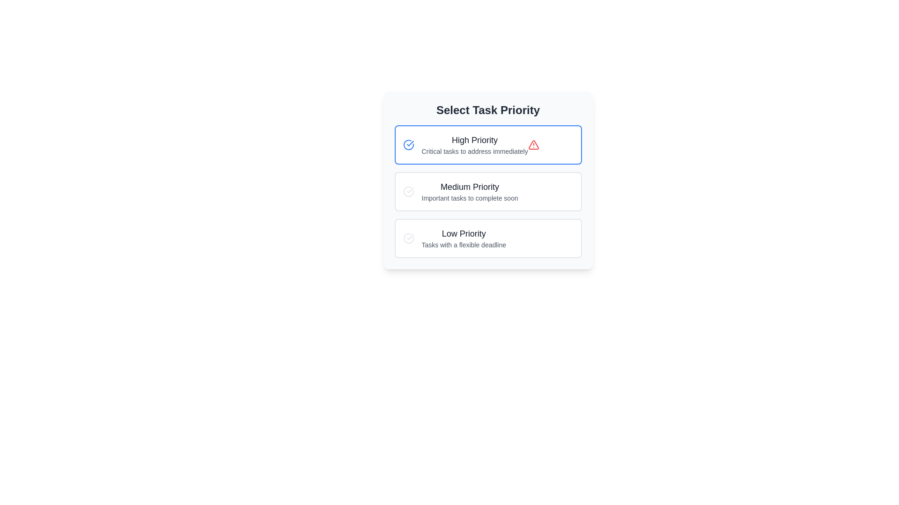  What do you see at coordinates (454, 238) in the screenshot?
I see `the 'Low Priority' selectable card option in the task priority selection interface, which features a light gray circular checkmark icon and bold text reading 'Low Priority'` at bounding box center [454, 238].